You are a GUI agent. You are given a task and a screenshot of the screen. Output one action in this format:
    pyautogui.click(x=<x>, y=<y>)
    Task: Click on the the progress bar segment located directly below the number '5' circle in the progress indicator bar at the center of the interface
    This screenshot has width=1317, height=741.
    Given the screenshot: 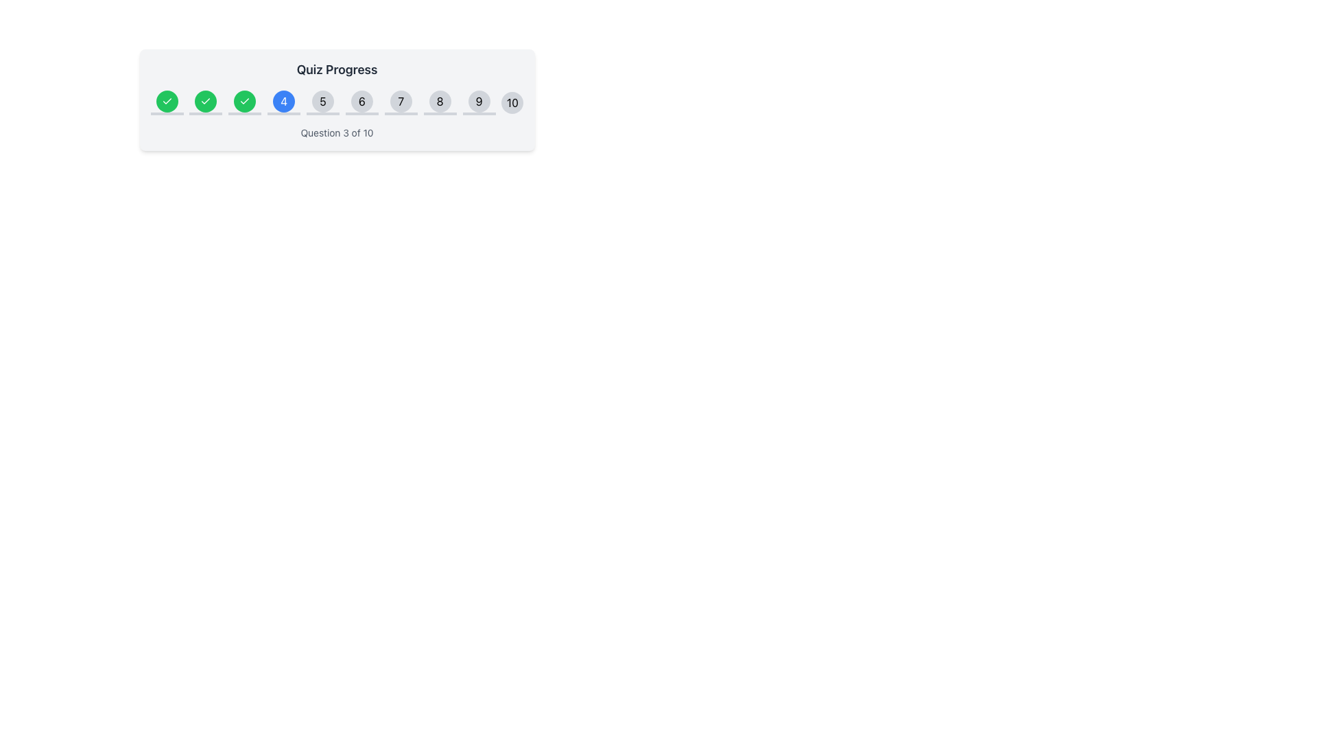 What is the action you would take?
    pyautogui.click(x=322, y=113)
    